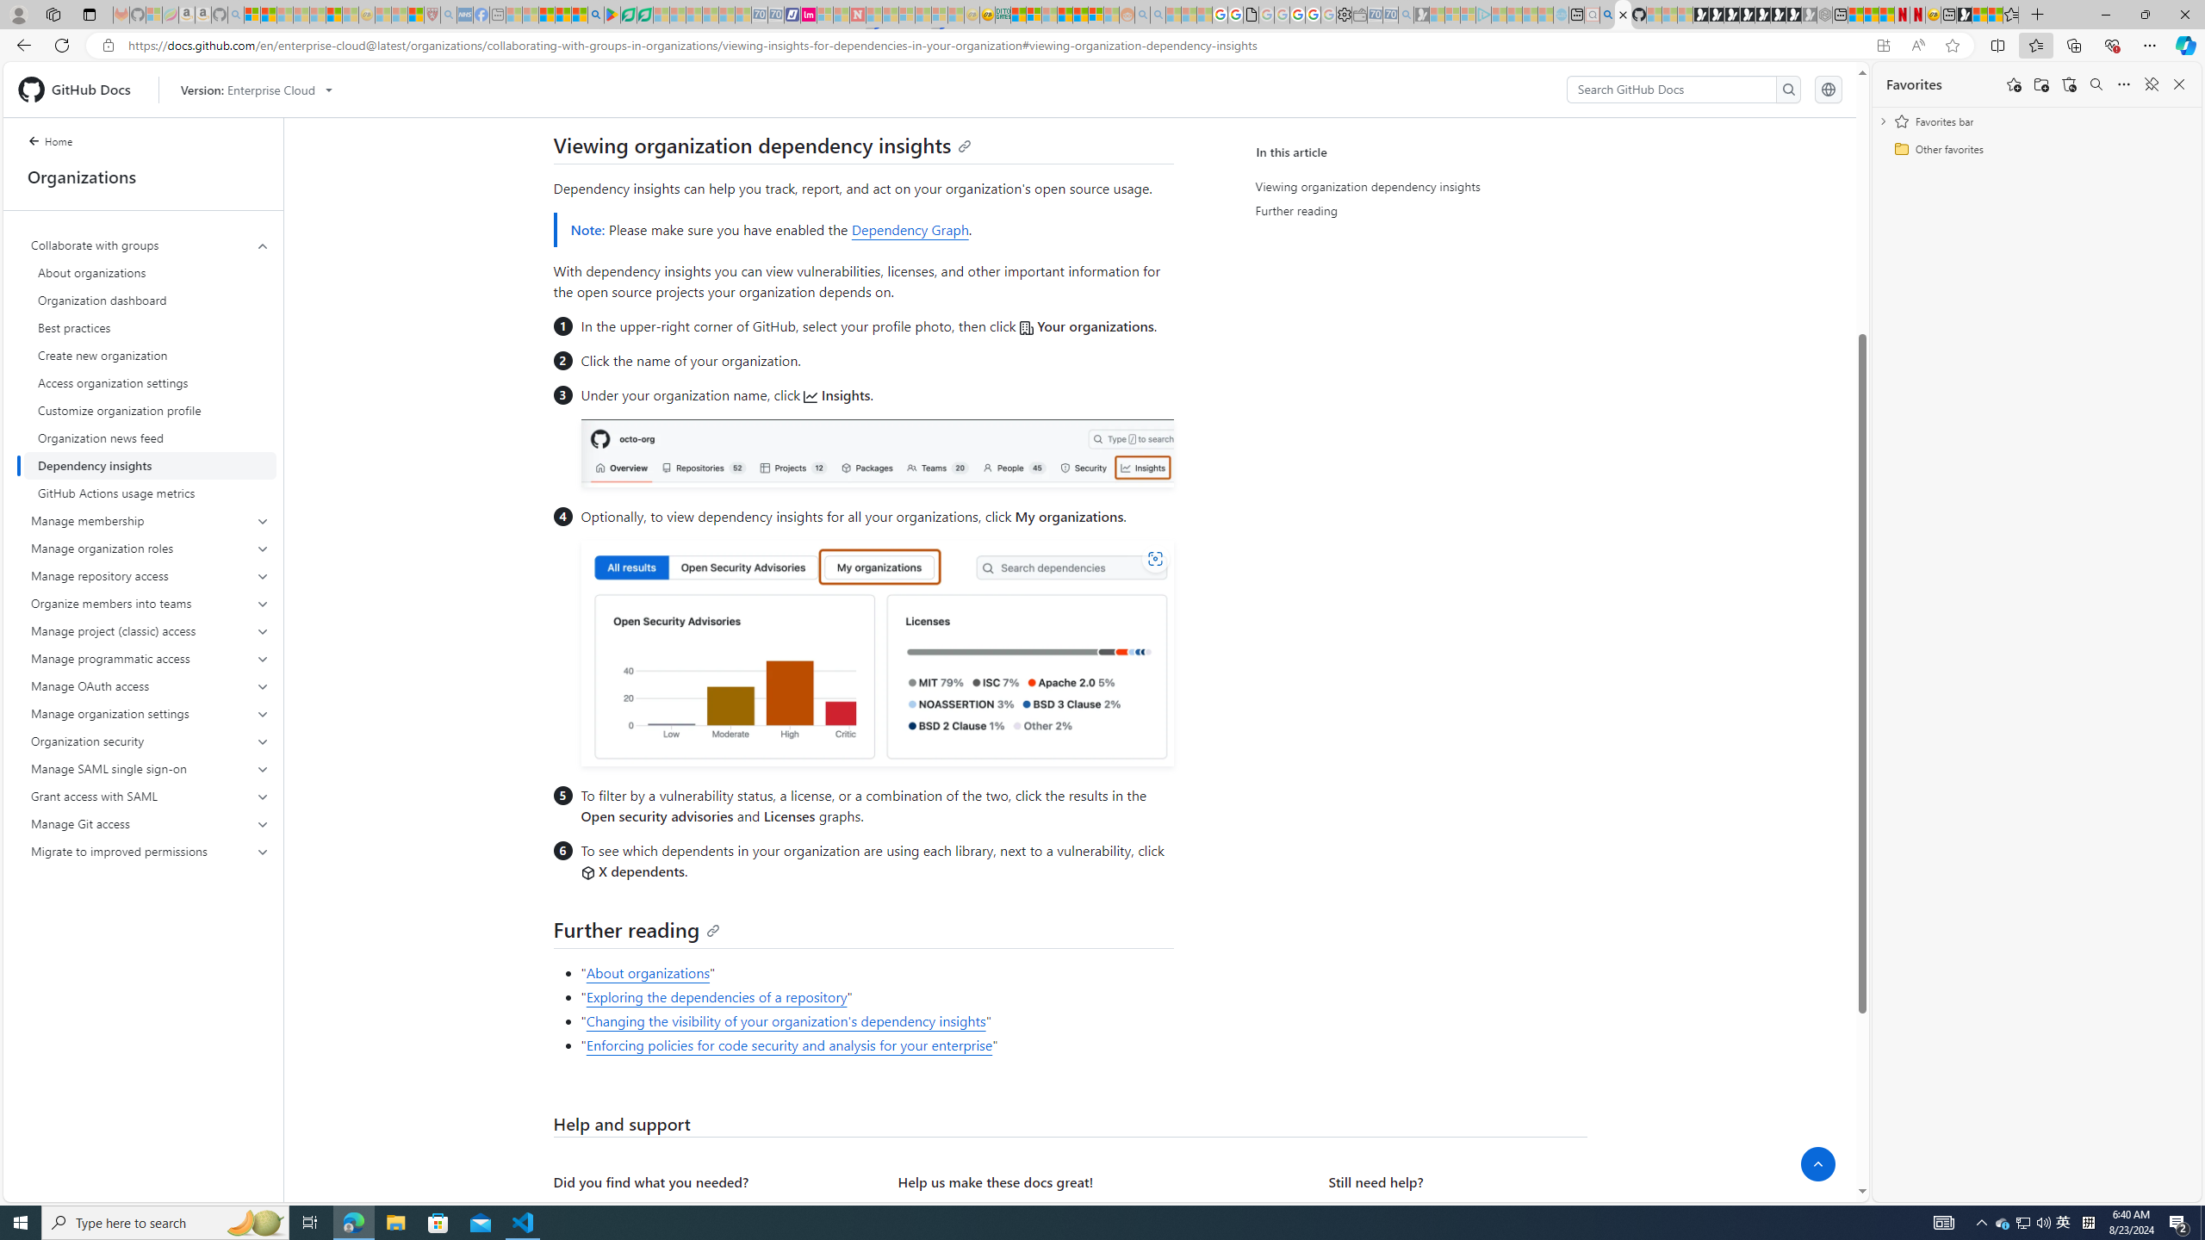  What do you see at coordinates (150, 409) in the screenshot?
I see `'Customize organization profile'` at bounding box center [150, 409].